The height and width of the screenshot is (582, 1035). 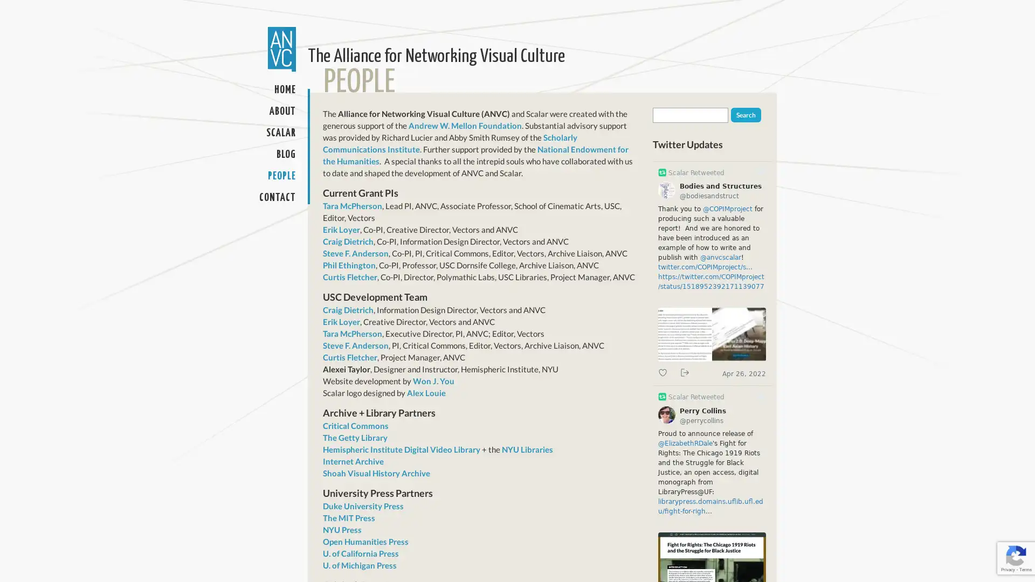 I want to click on Search, so click(x=745, y=115).